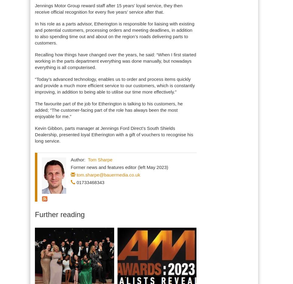 This screenshot has height=284, width=293. What do you see at coordinates (35, 214) in the screenshot?
I see `'Further reading'` at bounding box center [35, 214].